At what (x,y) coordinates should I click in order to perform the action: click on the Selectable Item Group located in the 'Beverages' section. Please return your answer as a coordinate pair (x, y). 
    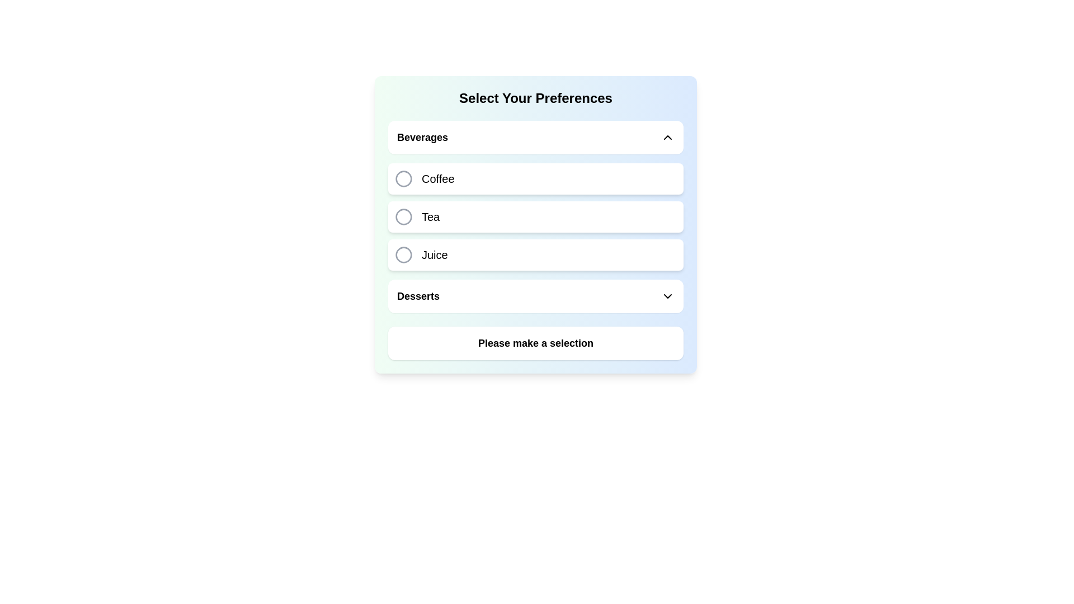
    Looking at the image, I should click on (535, 195).